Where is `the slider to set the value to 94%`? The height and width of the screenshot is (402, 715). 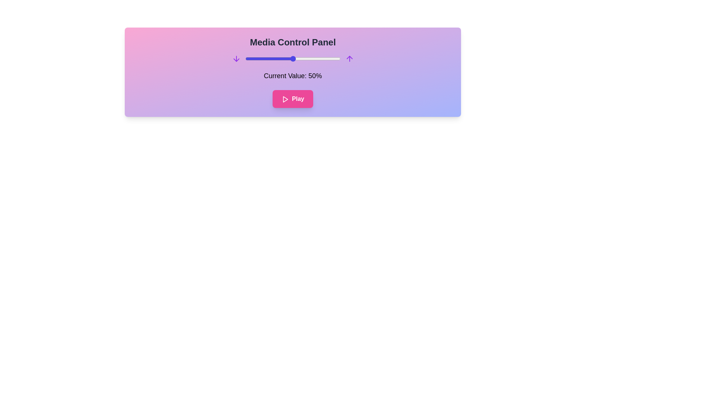 the slider to set the value to 94% is located at coordinates (334, 58).